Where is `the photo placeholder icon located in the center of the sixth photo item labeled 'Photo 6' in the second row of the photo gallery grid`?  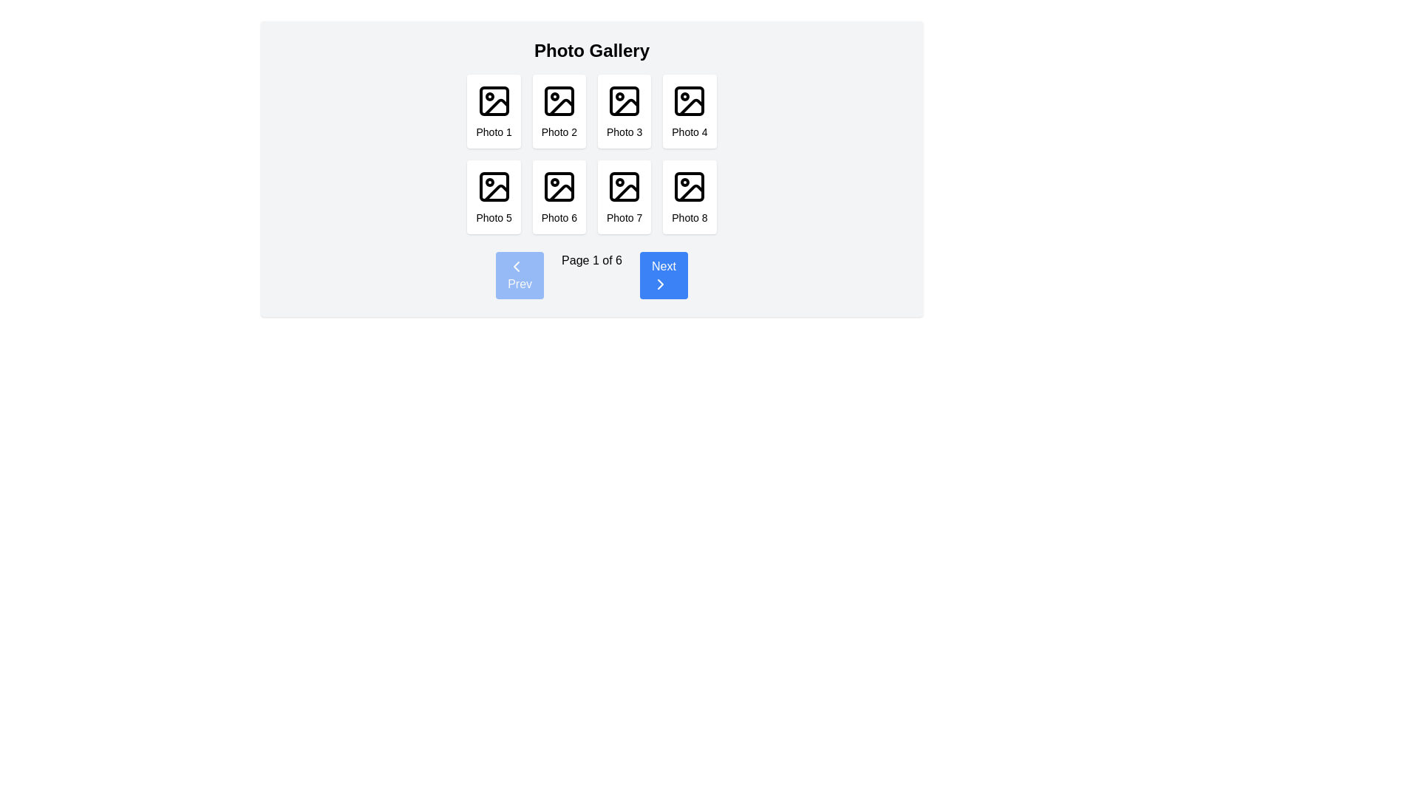 the photo placeholder icon located in the center of the sixth photo item labeled 'Photo 6' in the second row of the photo gallery grid is located at coordinates (558, 186).